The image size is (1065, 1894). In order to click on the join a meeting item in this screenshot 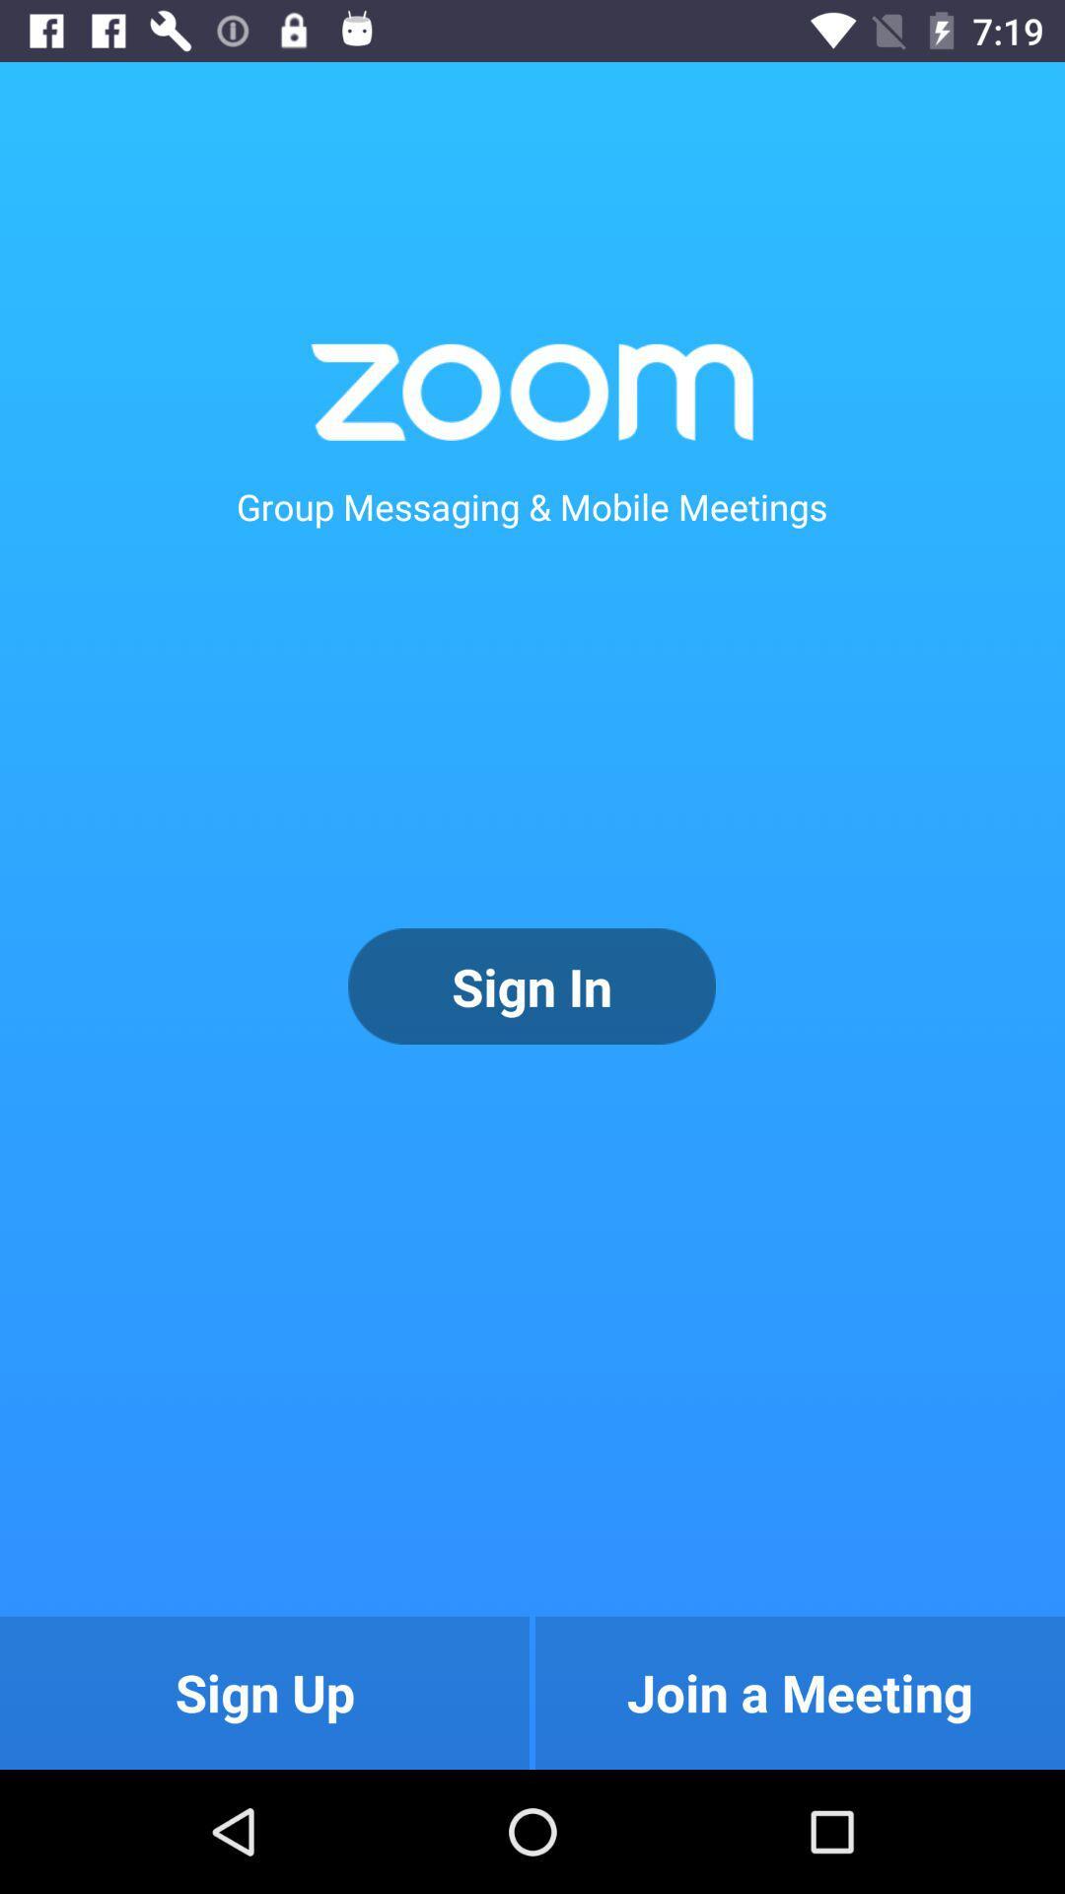, I will do `click(800, 1692)`.